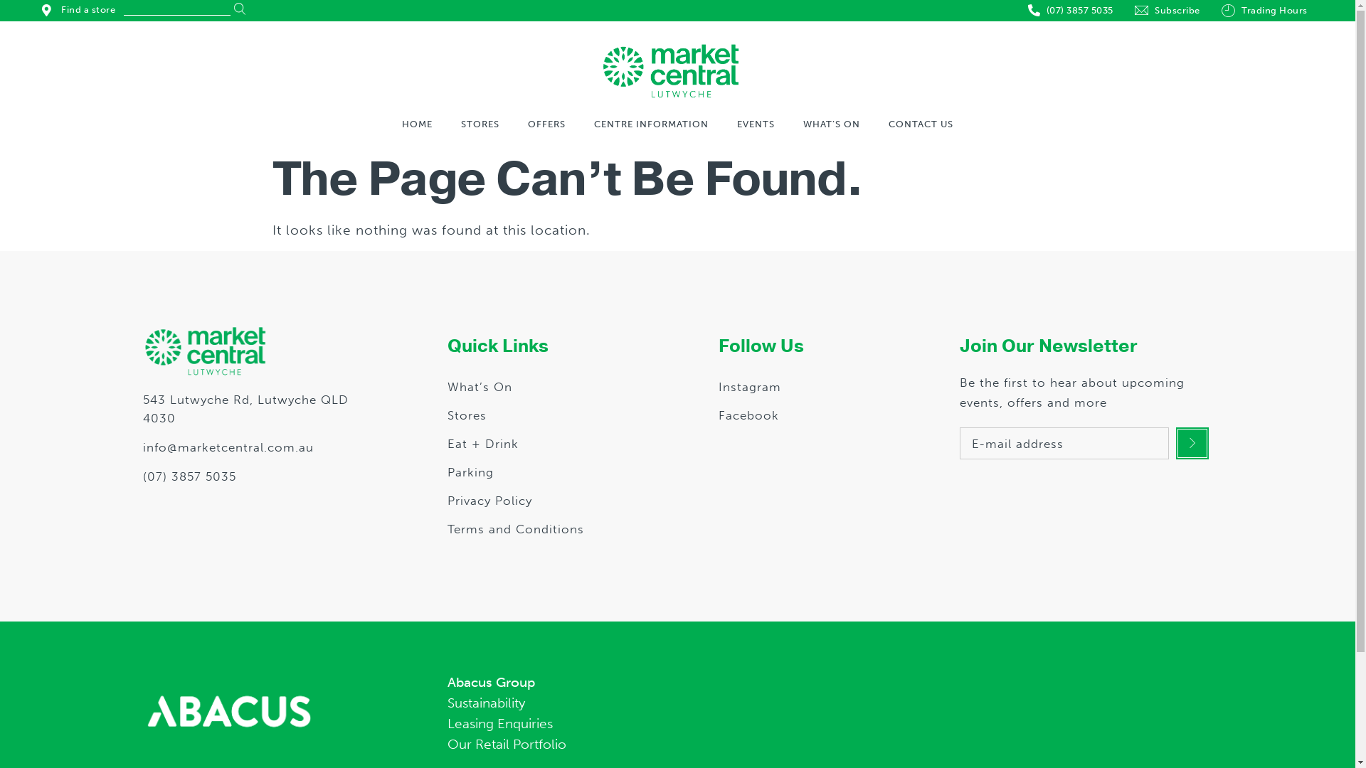  I want to click on 'Stores', so click(467, 415).